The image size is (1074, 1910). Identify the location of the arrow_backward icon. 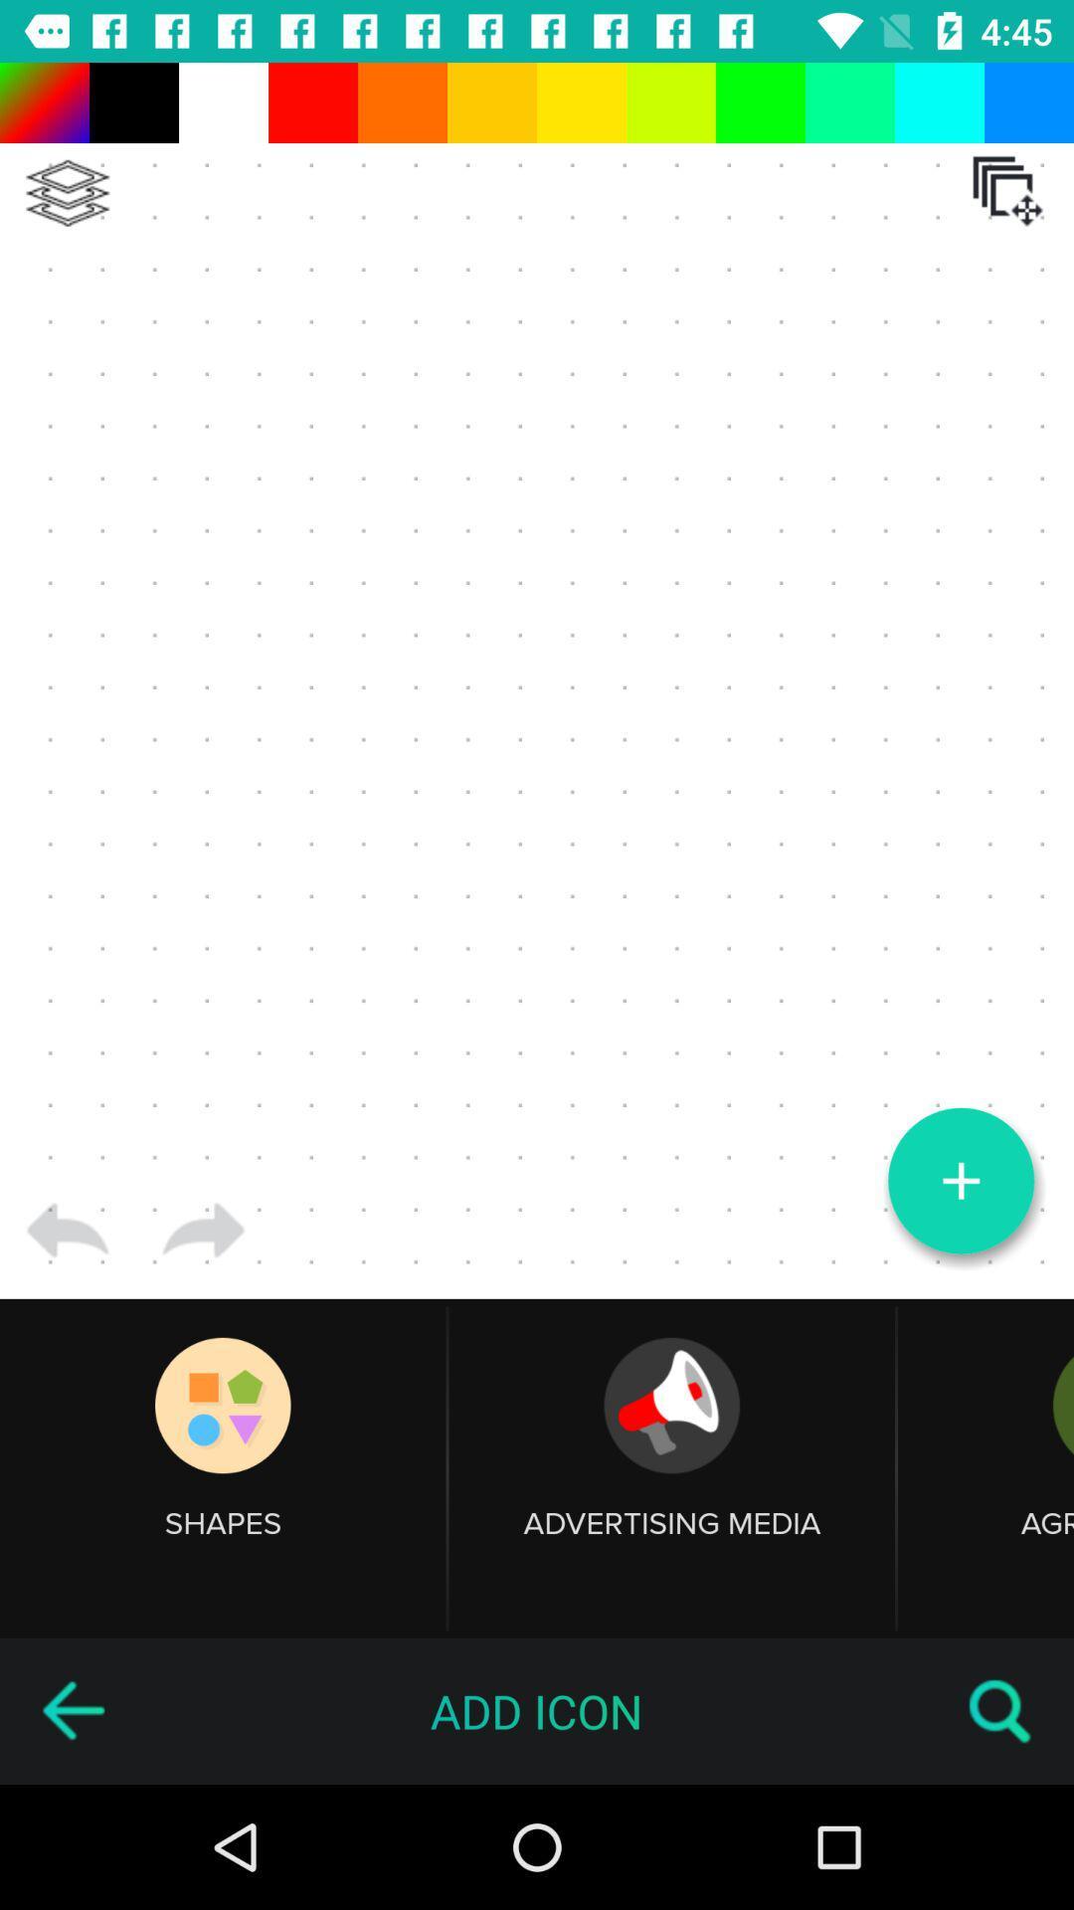
(72, 1710).